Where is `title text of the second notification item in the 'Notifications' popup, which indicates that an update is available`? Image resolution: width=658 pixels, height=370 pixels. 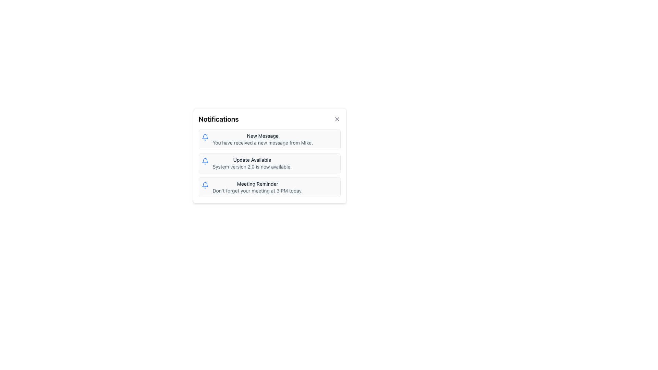 title text of the second notification item in the 'Notifications' popup, which indicates that an update is available is located at coordinates (252, 160).